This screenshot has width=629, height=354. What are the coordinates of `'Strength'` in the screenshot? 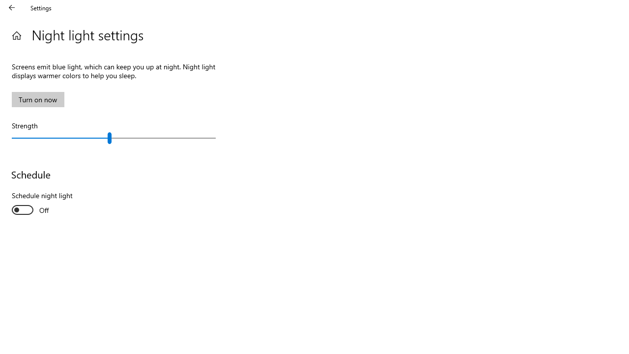 It's located at (114, 138).